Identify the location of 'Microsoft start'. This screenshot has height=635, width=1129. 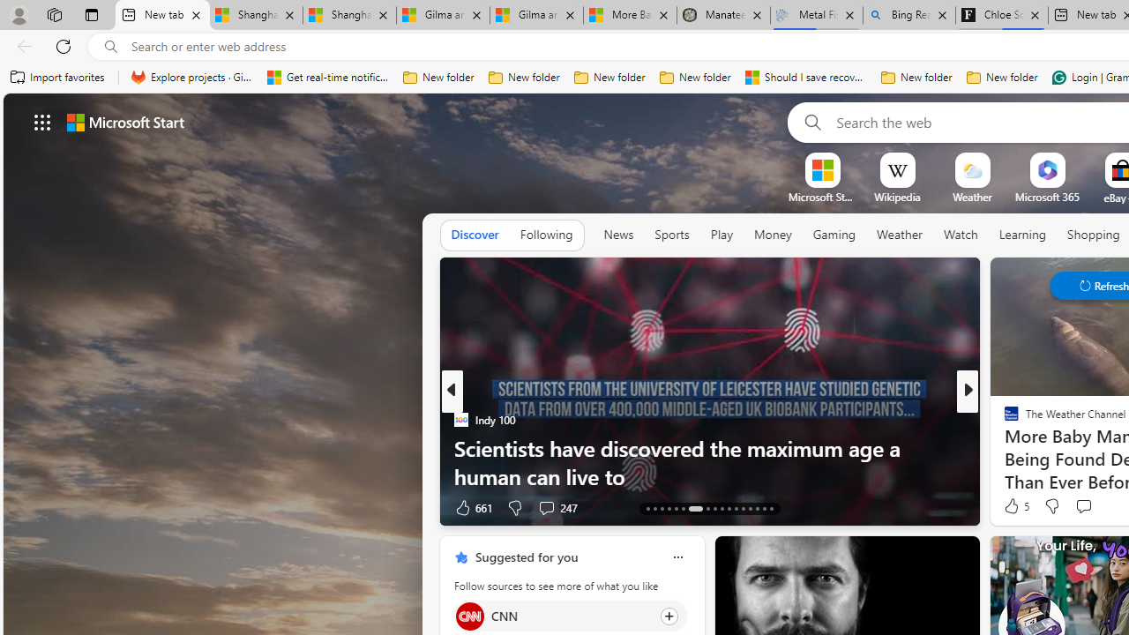
(124, 121).